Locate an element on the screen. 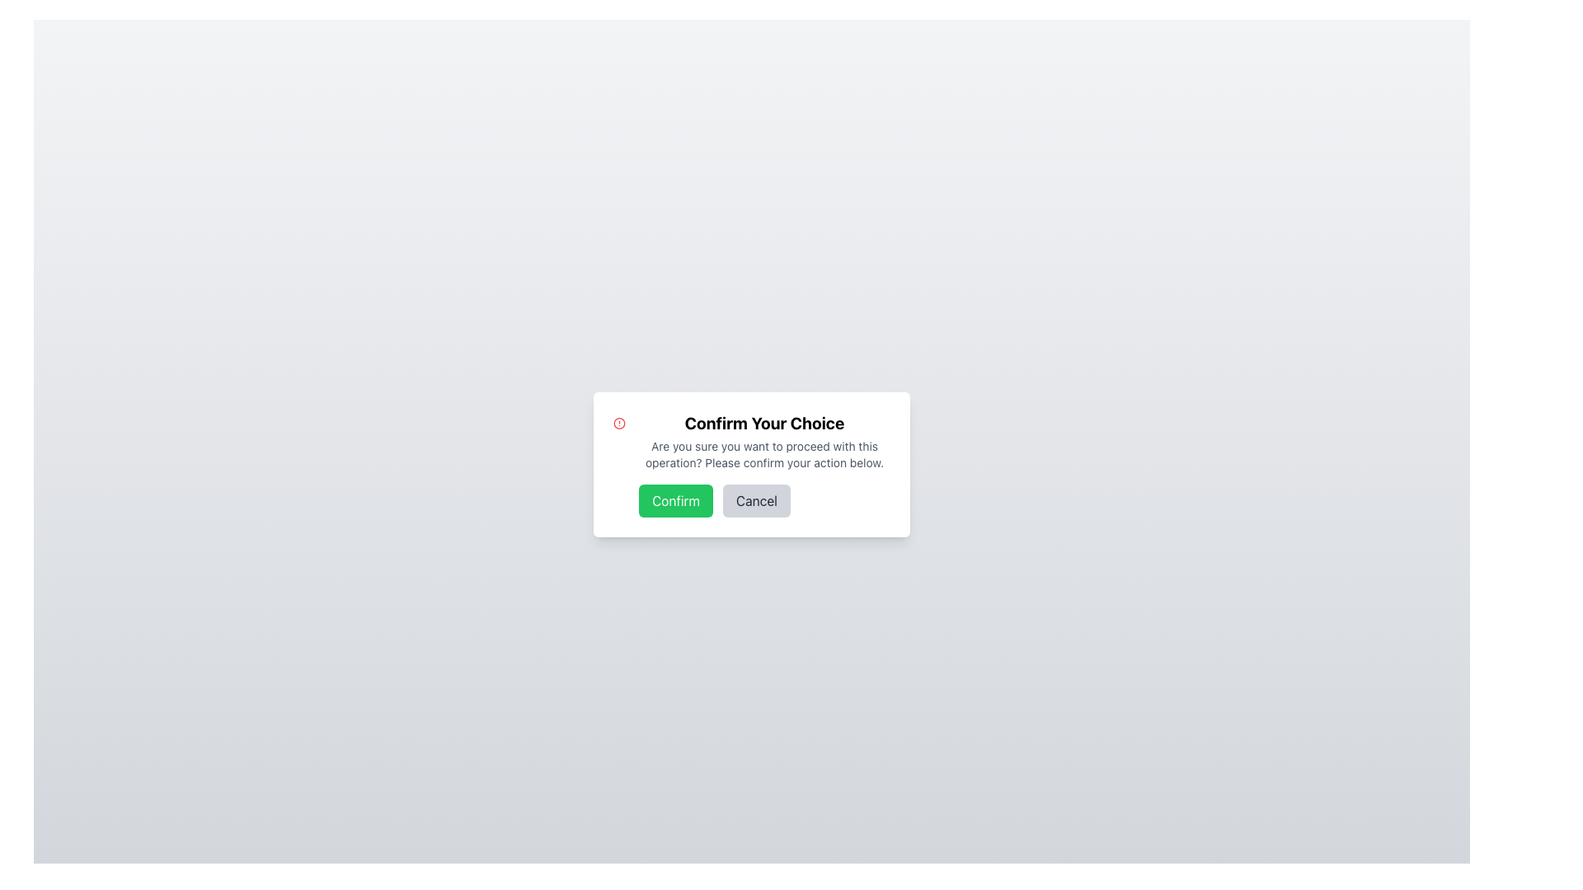 The image size is (1583, 890). the confirmation button located in the dialog box to observe the hover effect is located at coordinates (676, 500).